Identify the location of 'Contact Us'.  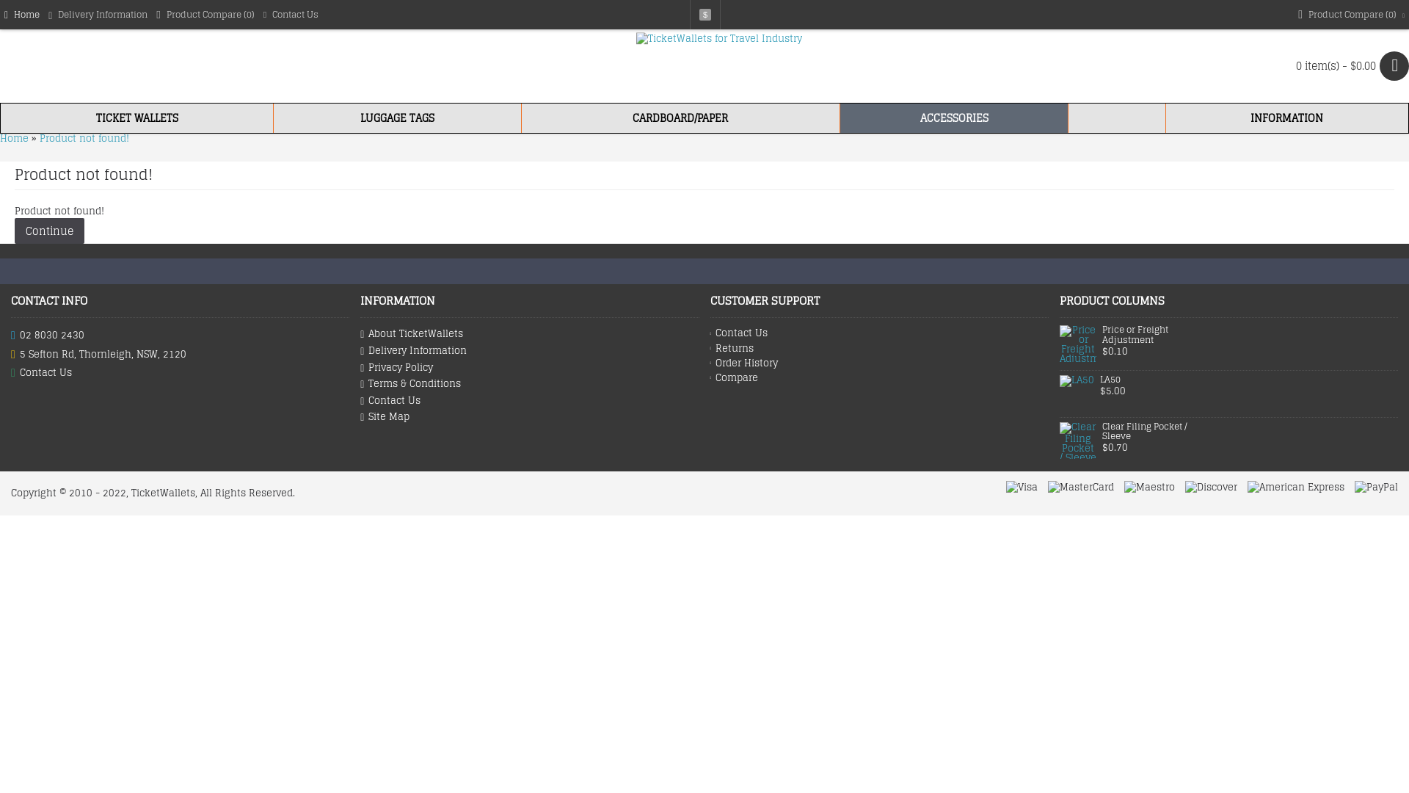
(360, 401).